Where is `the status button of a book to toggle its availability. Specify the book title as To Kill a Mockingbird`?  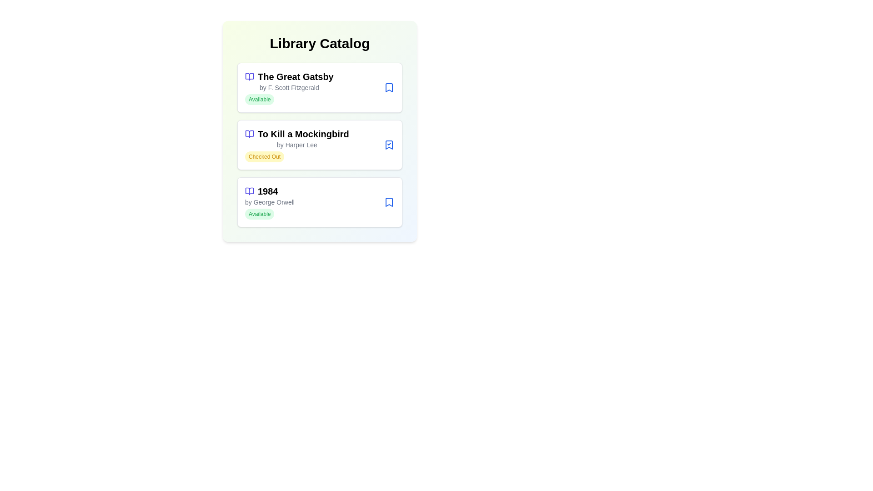 the status button of a book to toggle its availability. Specify the book title as To Kill a Mockingbird is located at coordinates (389, 145).